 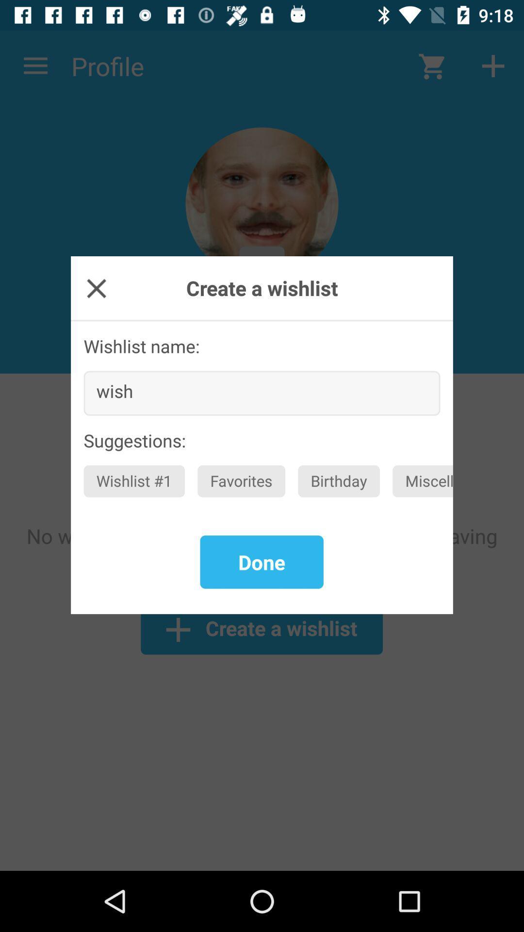 I want to click on window, so click(x=97, y=287).